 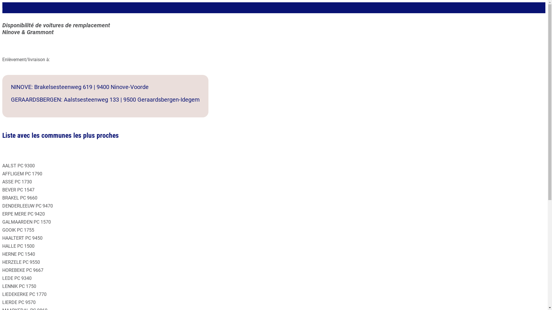 What do you see at coordinates (8, 7) in the screenshot?
I see `'ACCUEIL'` at bounding box center [8, 7].